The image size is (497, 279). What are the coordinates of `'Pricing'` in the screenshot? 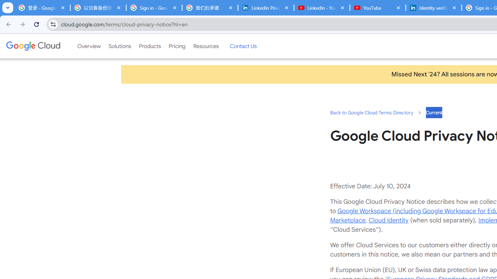 It's located at (176, 46).